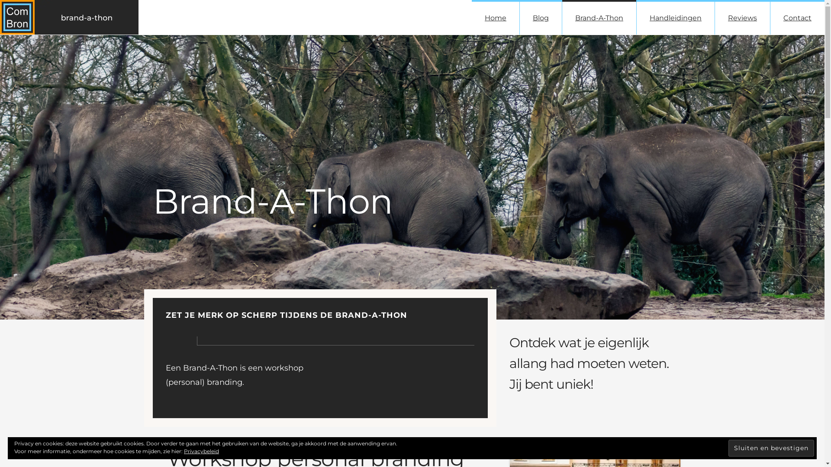  Describe the element at coordinates (328, 442) in the screenshot. I see `'REVIEWS'` at that location.